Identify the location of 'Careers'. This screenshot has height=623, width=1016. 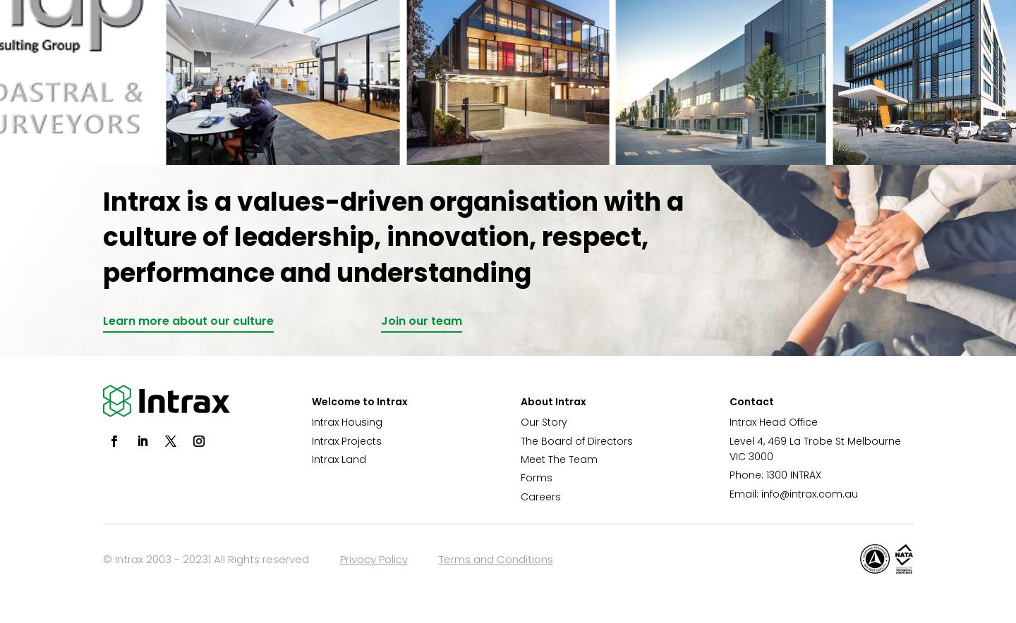
(540, 495).